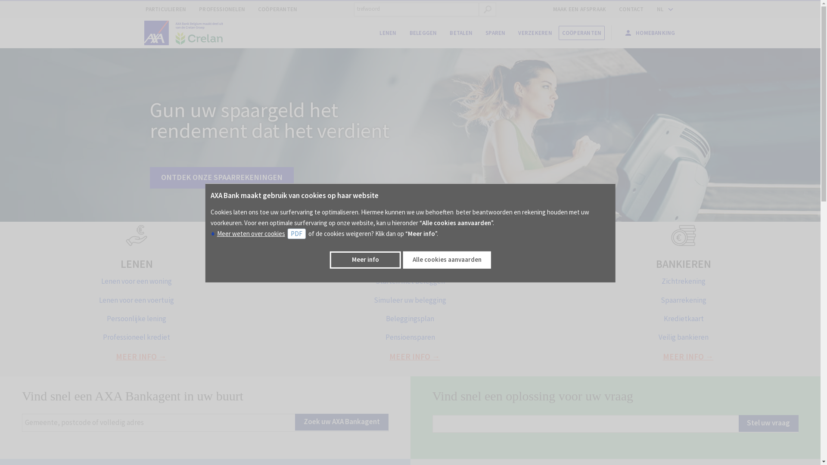  Describe the element at coordinates (222, 9) in the screenshot. I see `'PROFESSIONELEN'` at that location.